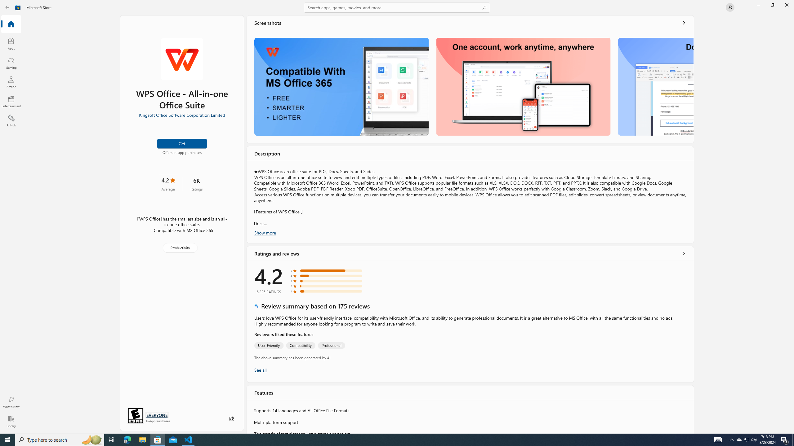 This screenshot has width=794, height=446. What do you see at coordinates (397, 7) in the screenshot?
I see `'Search'` at bounding box center [397, 7].